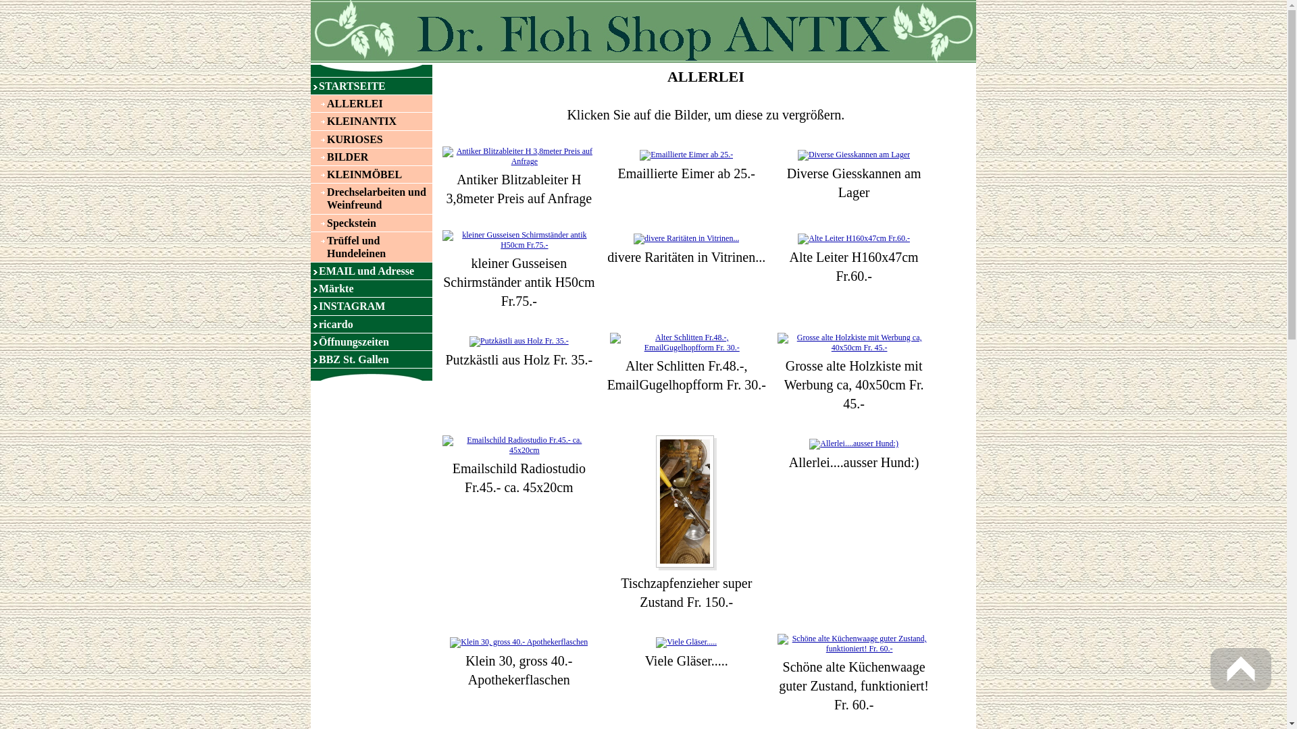  Describe the element at coordinates (372, 324) in the screenshot. I see `'ricardo'` at that location.